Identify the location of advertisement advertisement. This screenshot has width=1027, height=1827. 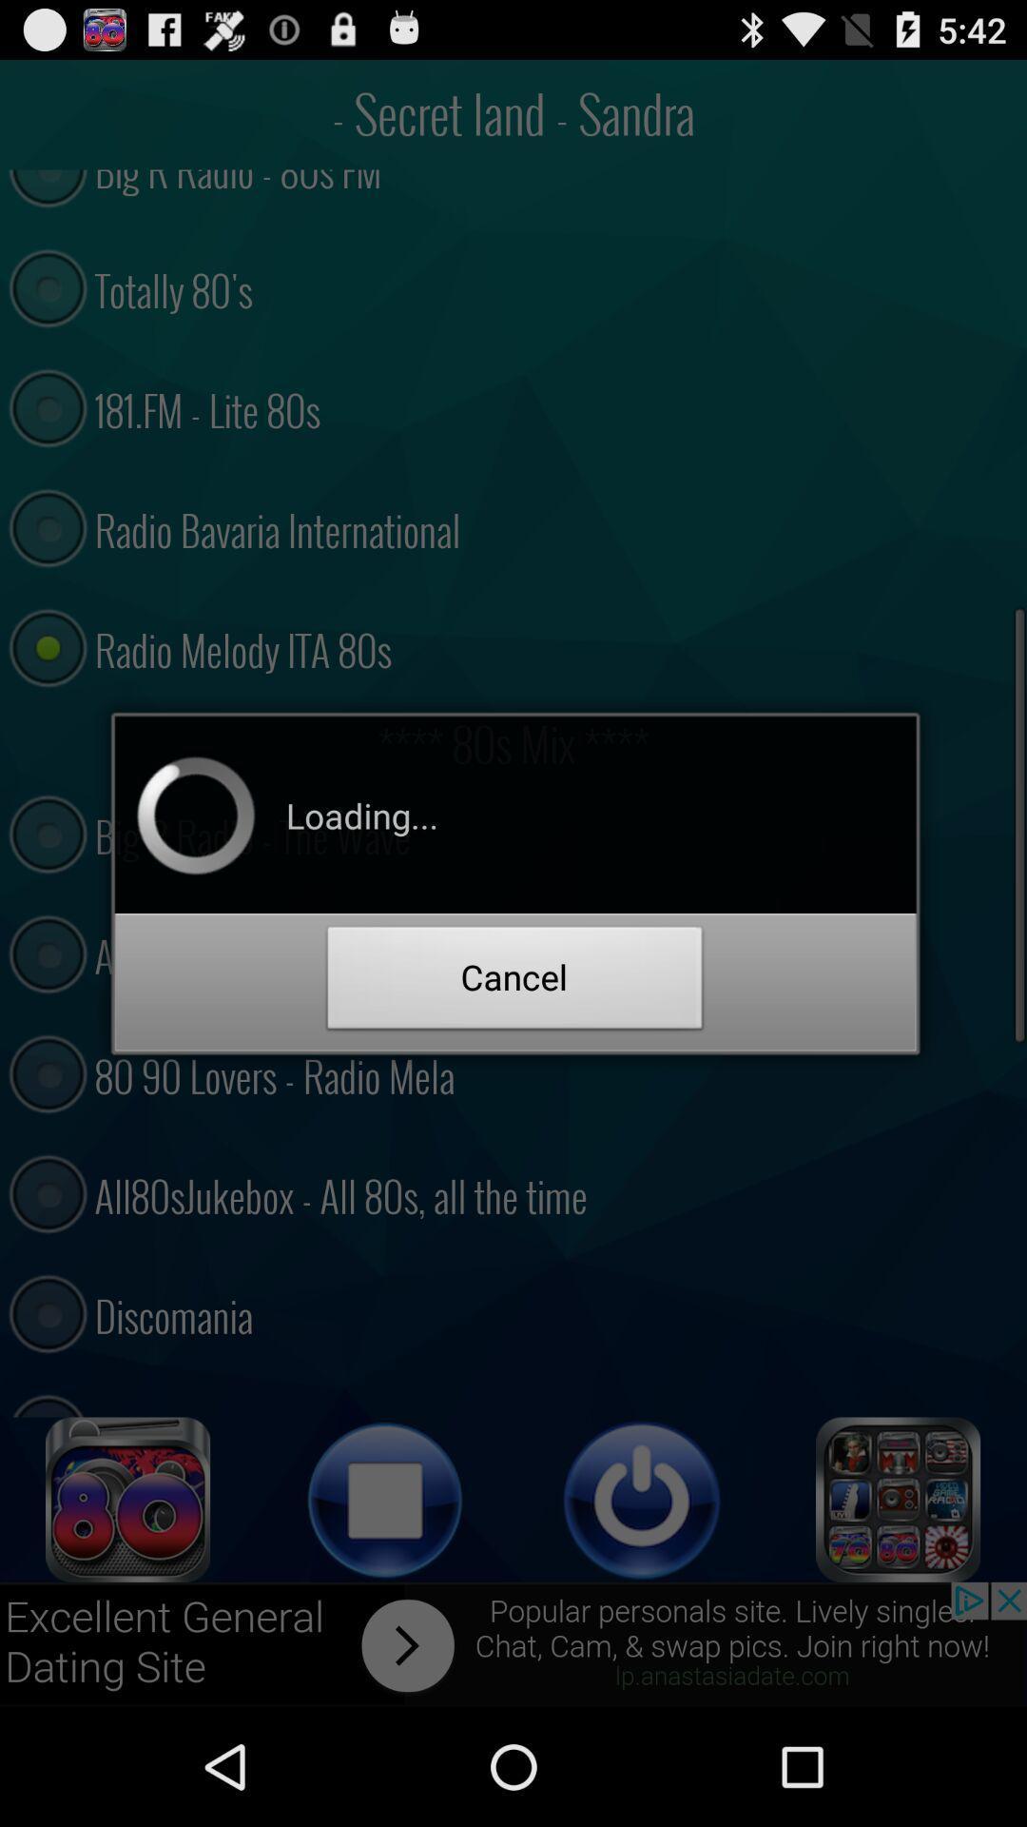
(513, 1643).